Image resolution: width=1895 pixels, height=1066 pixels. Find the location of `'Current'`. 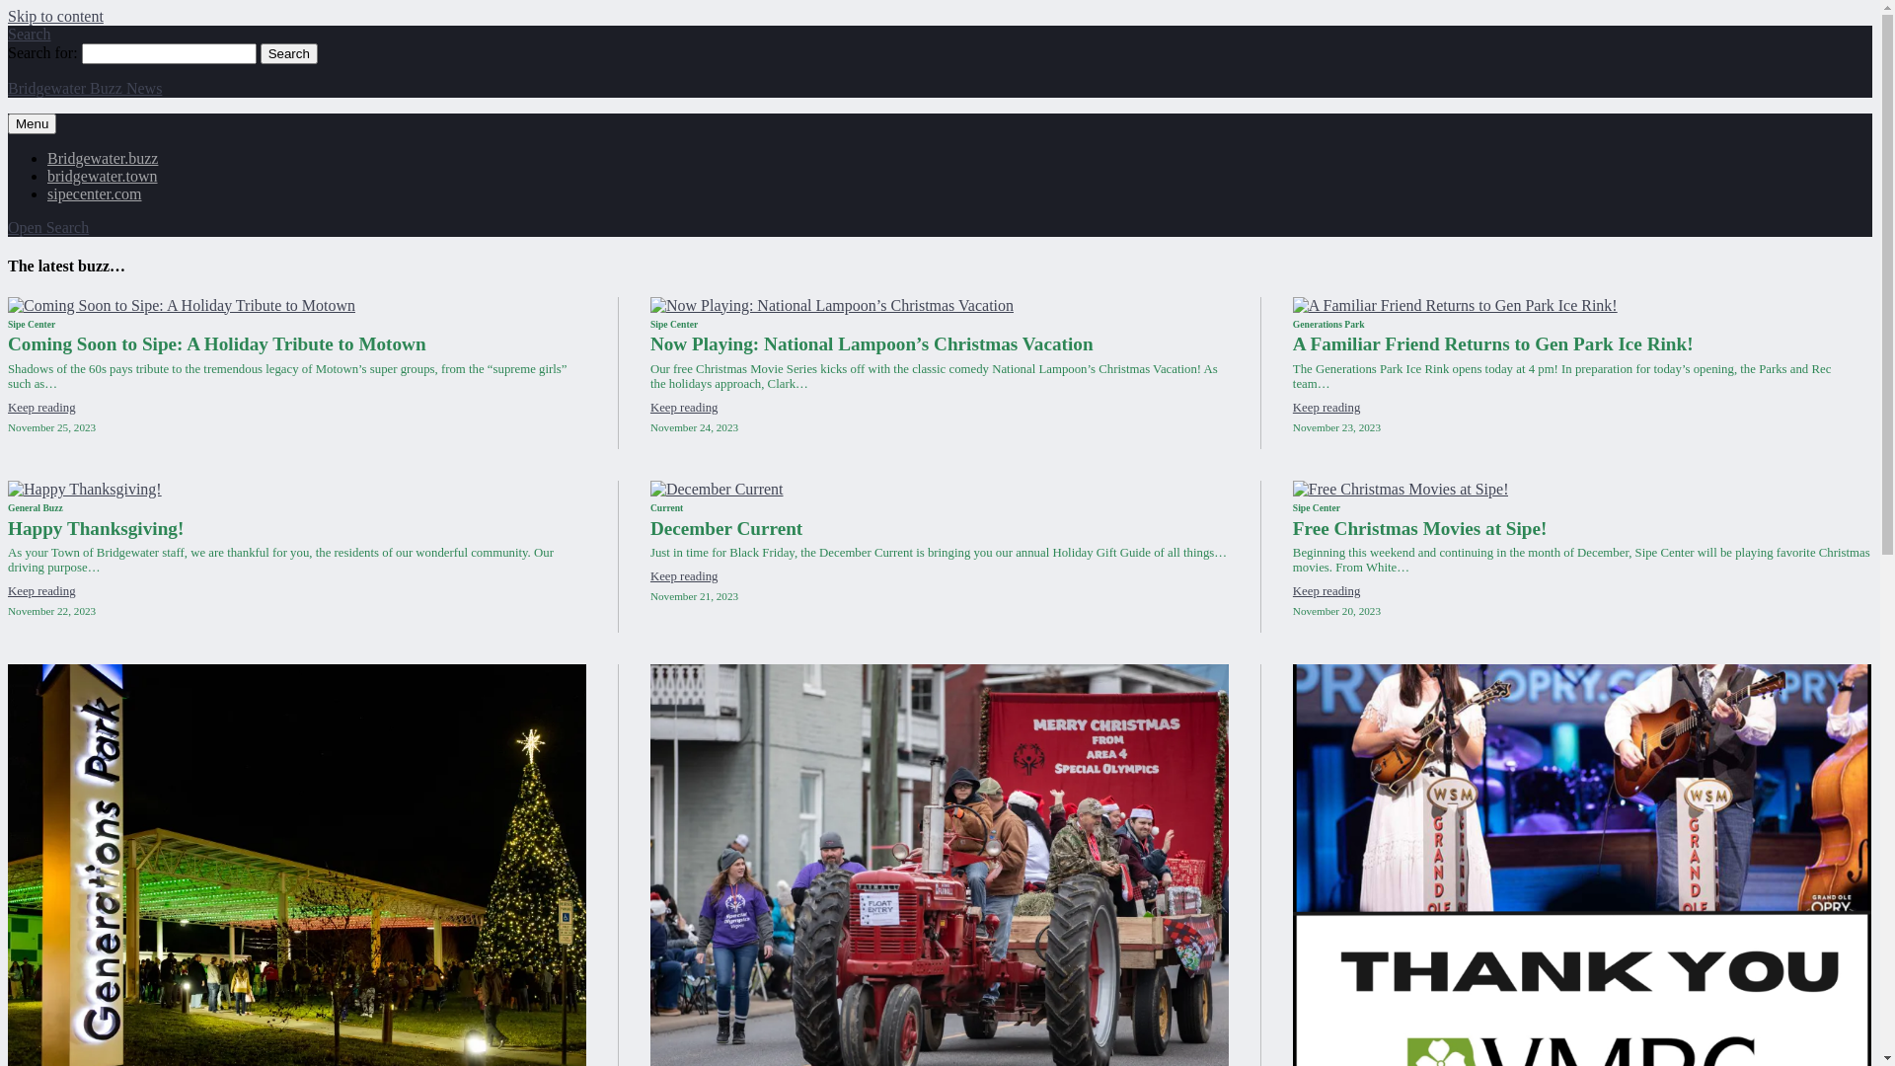

'Current' is located at coordinates (666, 506).